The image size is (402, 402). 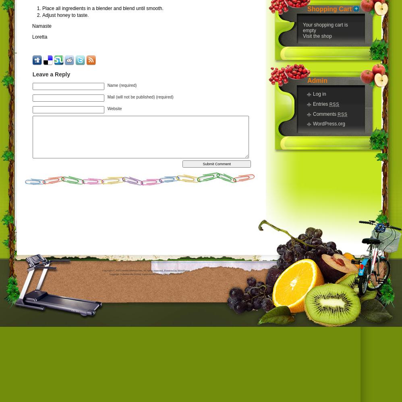 What do you see at coordinates (41, 25) in the screenshot?
I see `'Namaste'` at bounding box center [41, 25].